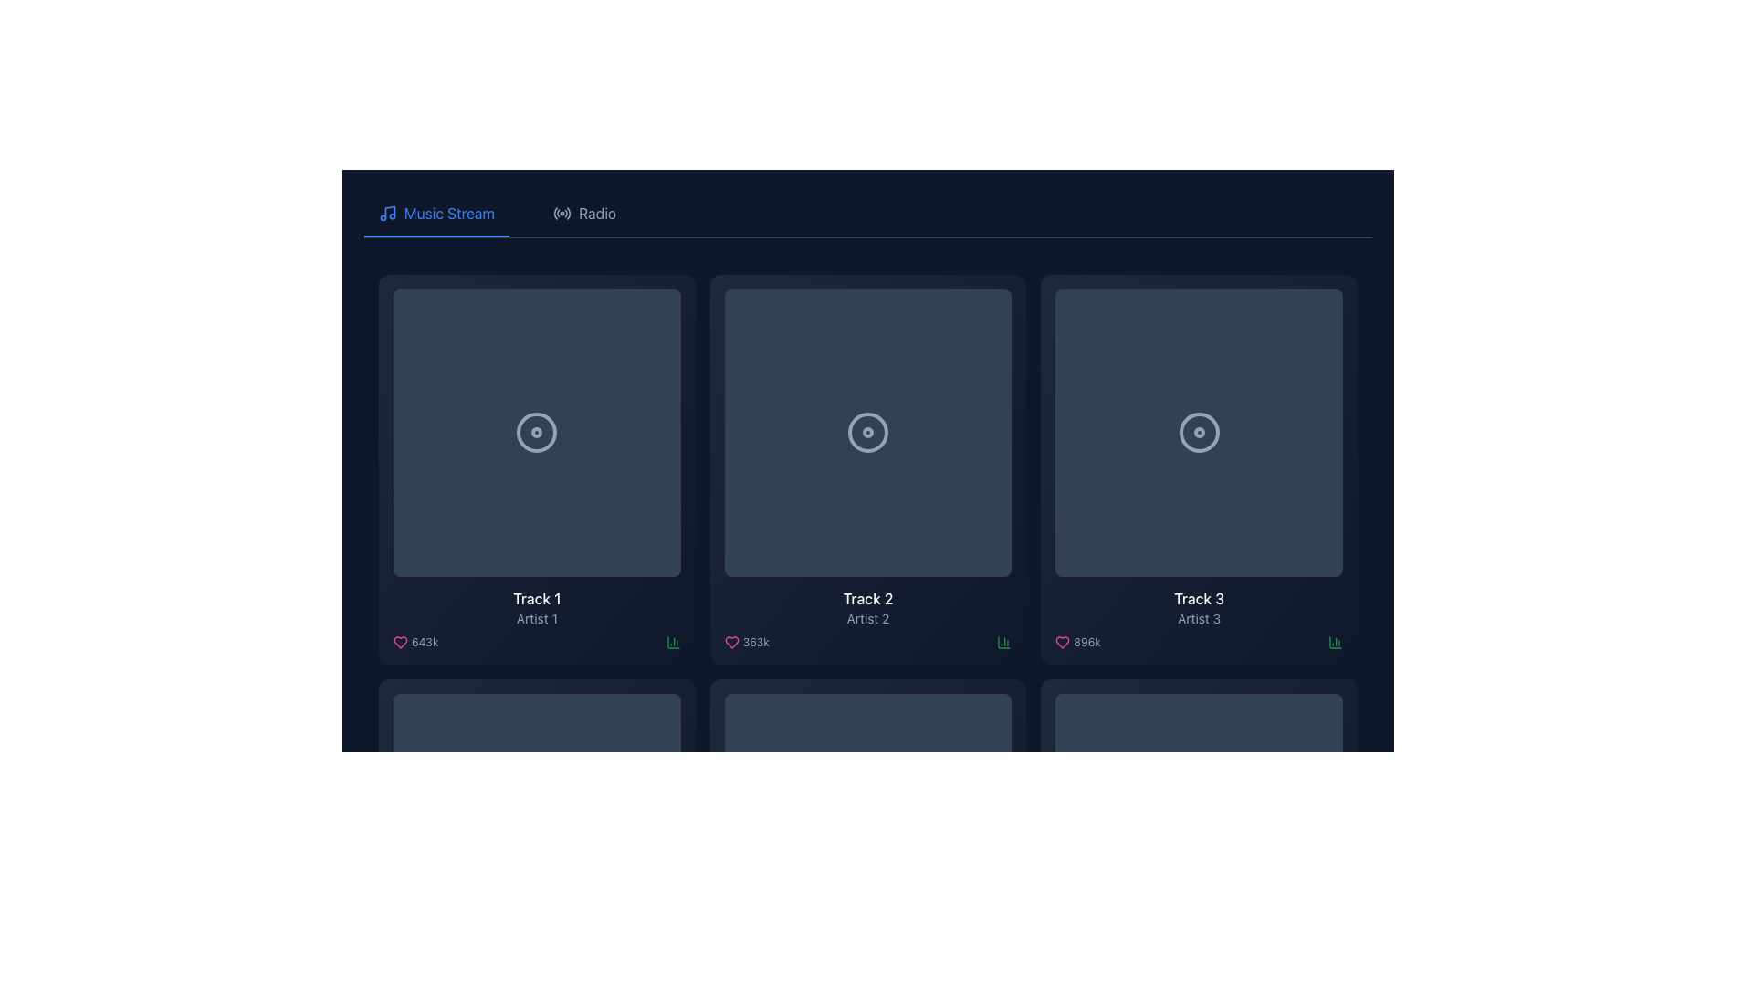  Describe the element at coordinates (1086, 641) in the screenshot. I see `the text label displaying '896k', which is styled with a small font size and light gray color, located next to a heart icon in a compact grouping below 'Track 3'` at that location.